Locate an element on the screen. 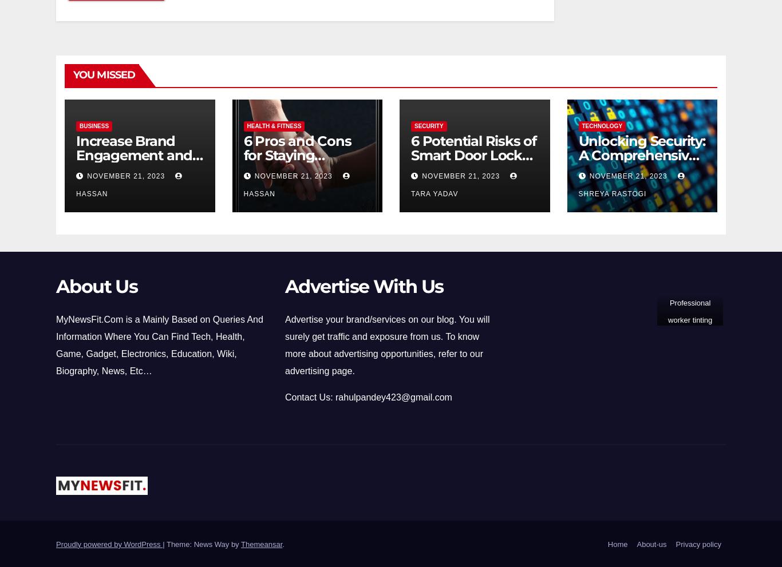 The image size is (782, 567). 'You missed' is located at coordinates (103, 74).